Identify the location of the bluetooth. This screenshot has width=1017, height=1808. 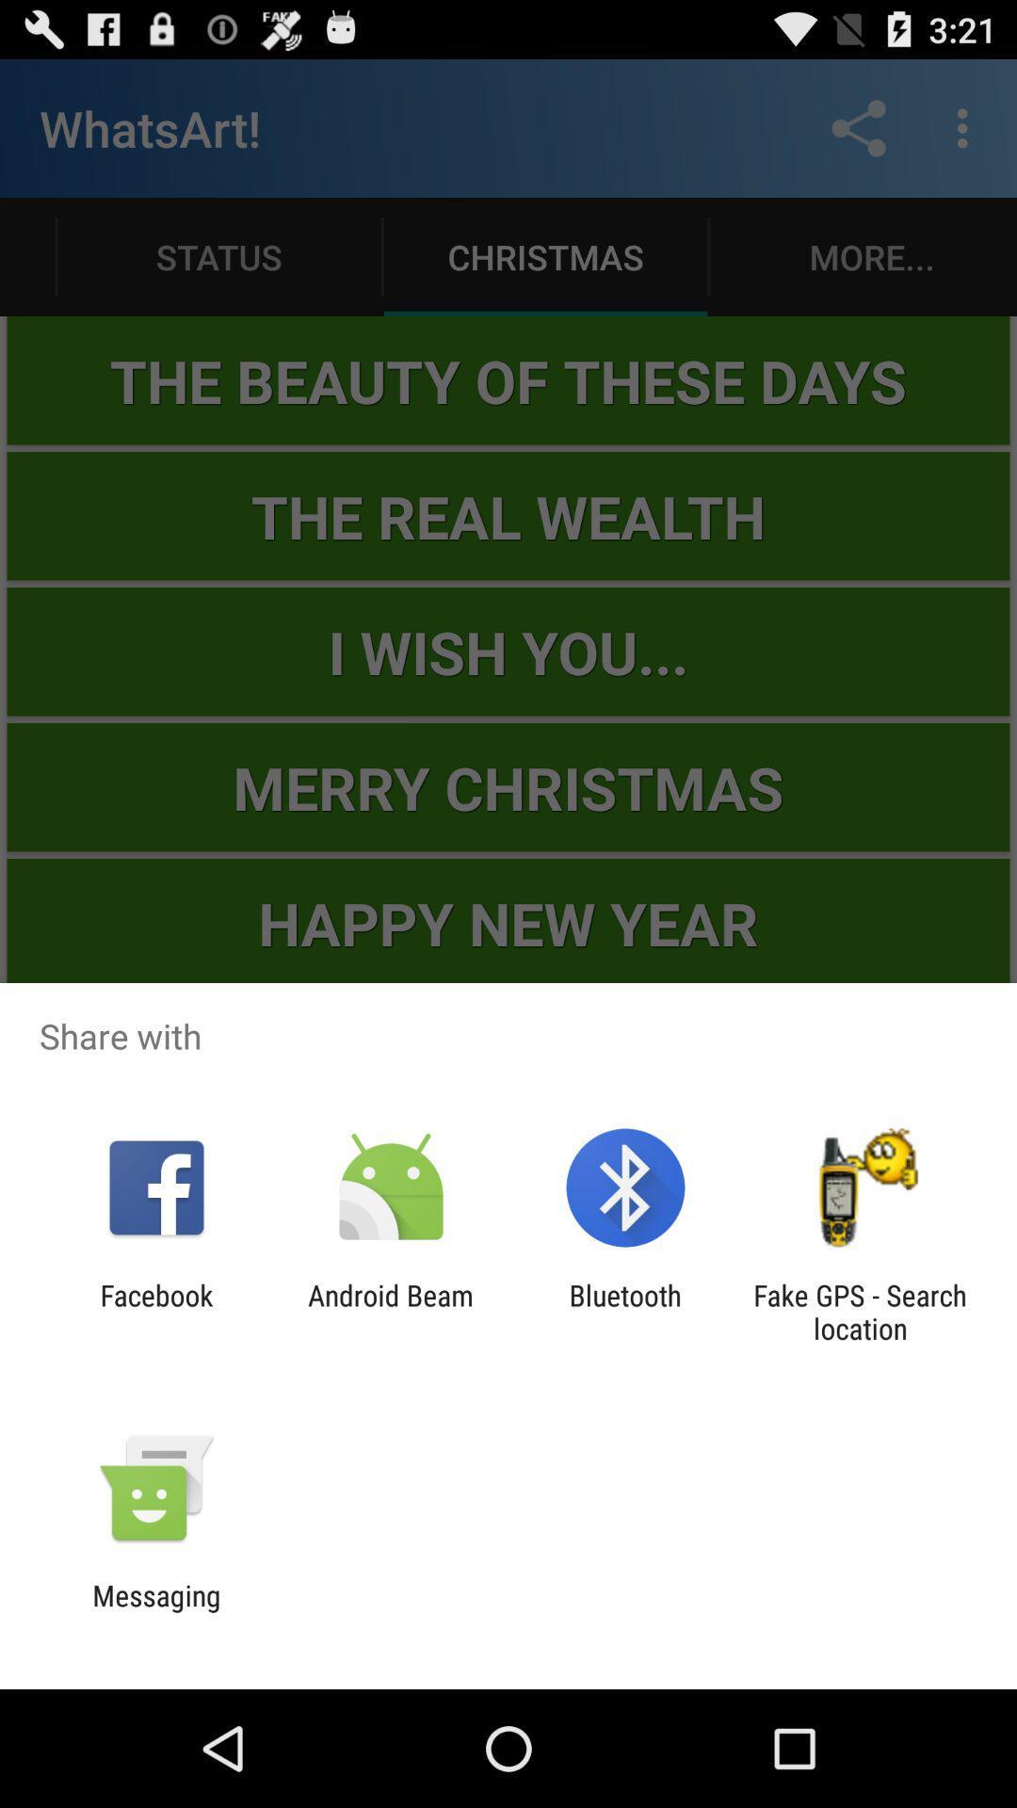
(625, 1311).